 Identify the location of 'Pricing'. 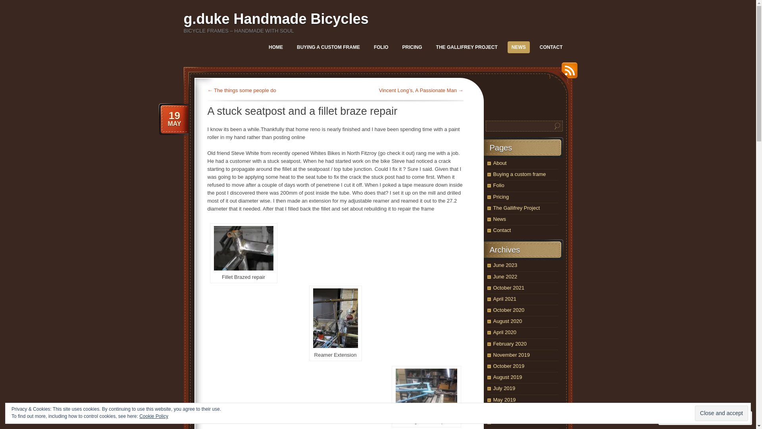
(500, 197).